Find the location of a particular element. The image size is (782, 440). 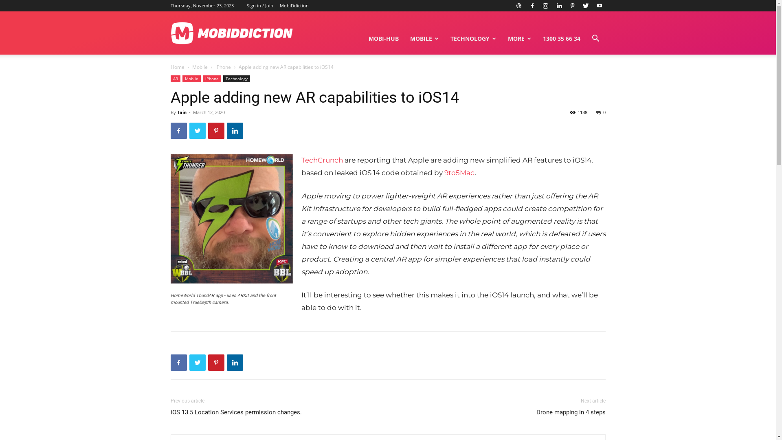

'Sign in / Join' is located at coordinates (259, 5).